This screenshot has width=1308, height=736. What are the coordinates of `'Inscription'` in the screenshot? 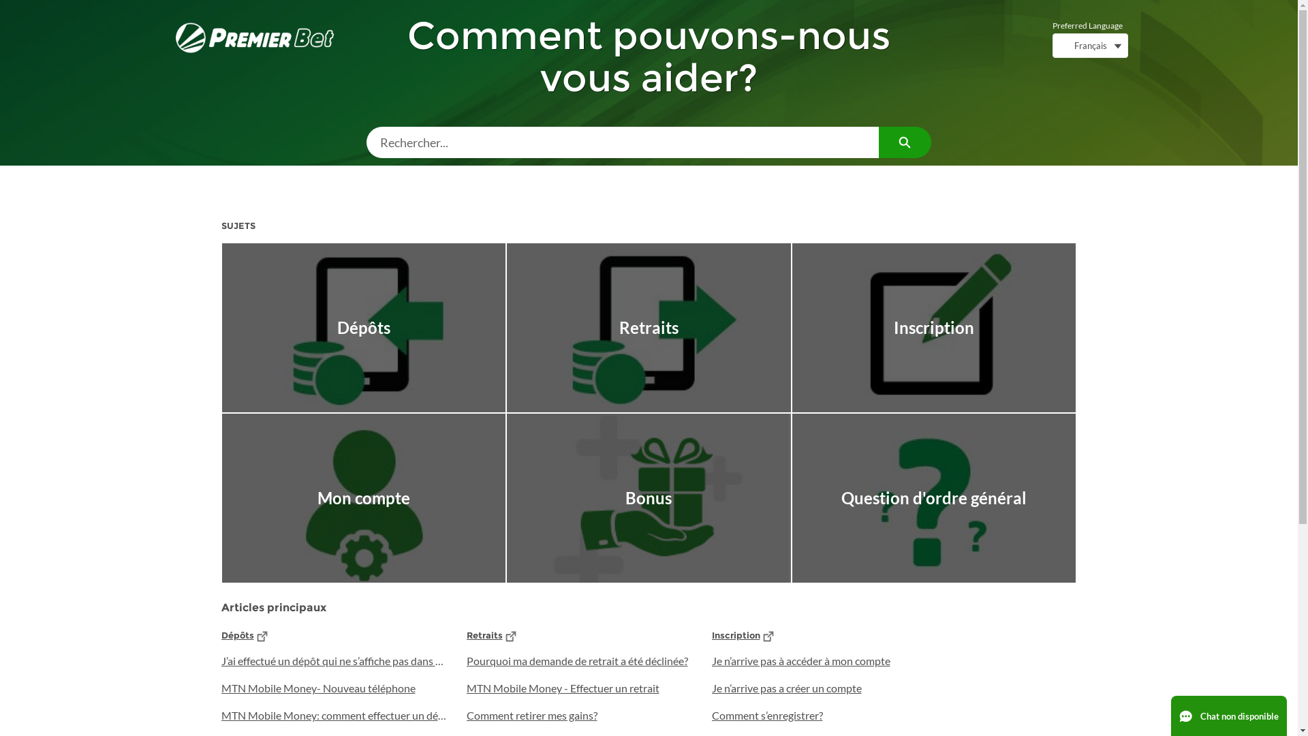 It's located at (734, 635).